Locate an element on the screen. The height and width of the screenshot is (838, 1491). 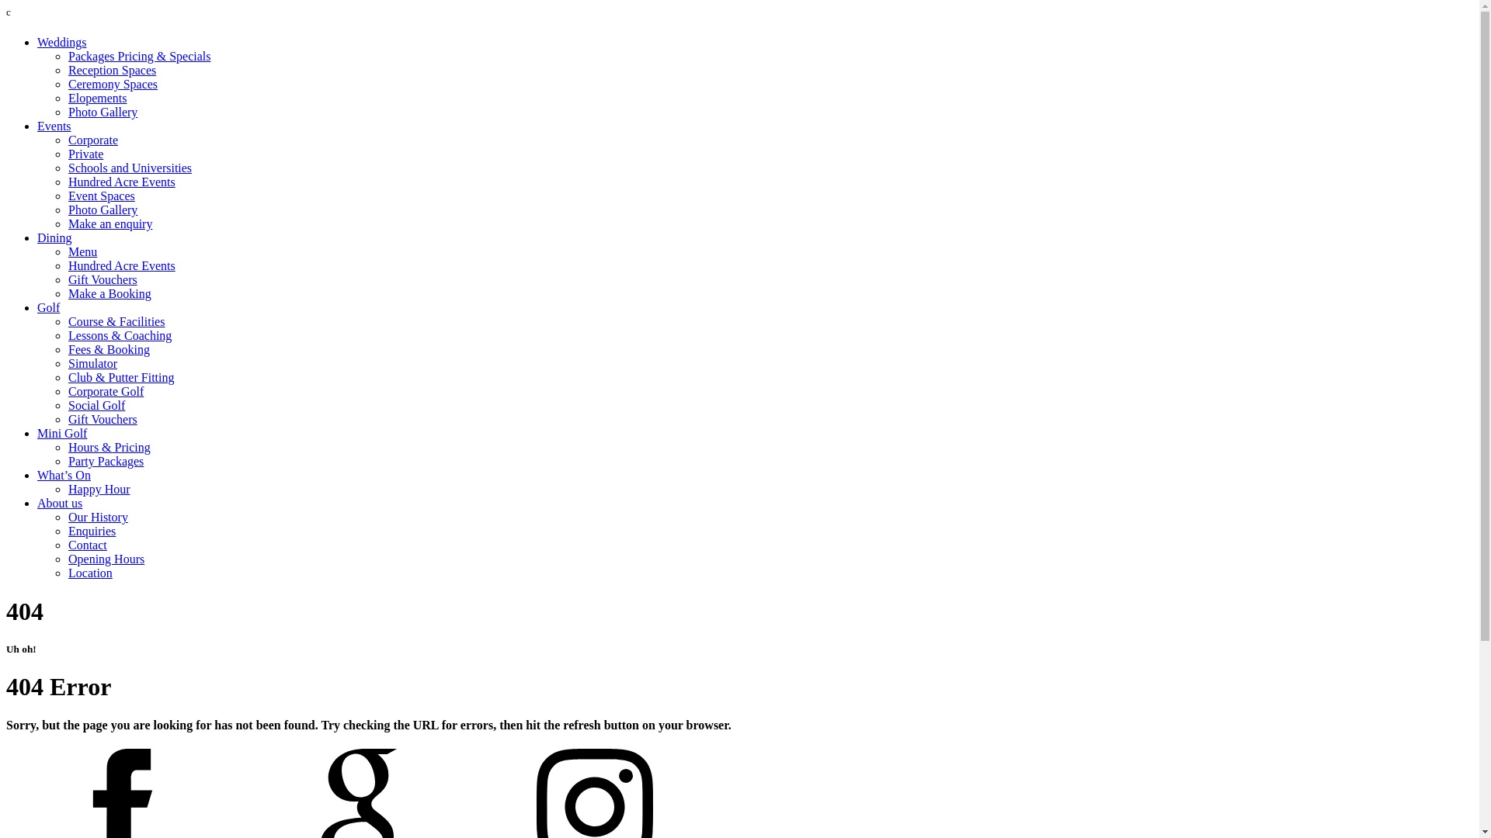
'Corporate' is located at coordinates (92, 140).